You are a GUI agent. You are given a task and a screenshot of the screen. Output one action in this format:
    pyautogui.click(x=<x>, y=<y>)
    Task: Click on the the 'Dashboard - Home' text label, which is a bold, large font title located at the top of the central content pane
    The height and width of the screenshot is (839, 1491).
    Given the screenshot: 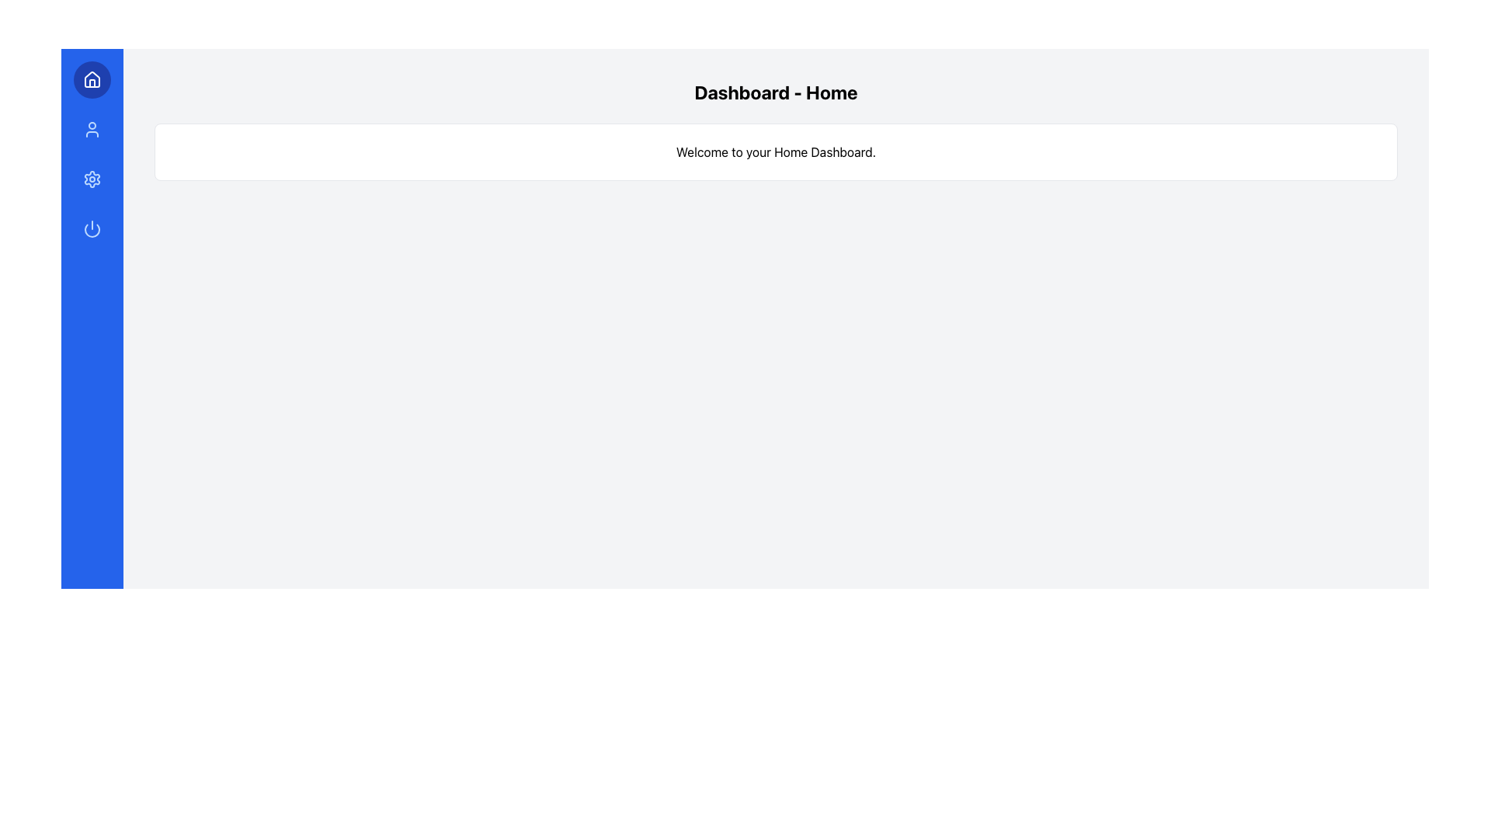 What is the action you would take?
    pyautogui.click(x=776, y=92)
    